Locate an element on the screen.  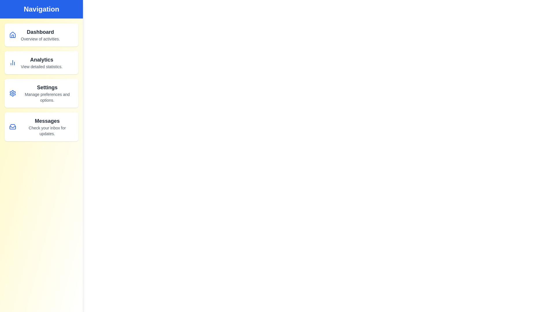
toggle button at the top-left corner of the screen to toggle the drawer visibility is located at coordinates (11, 11).